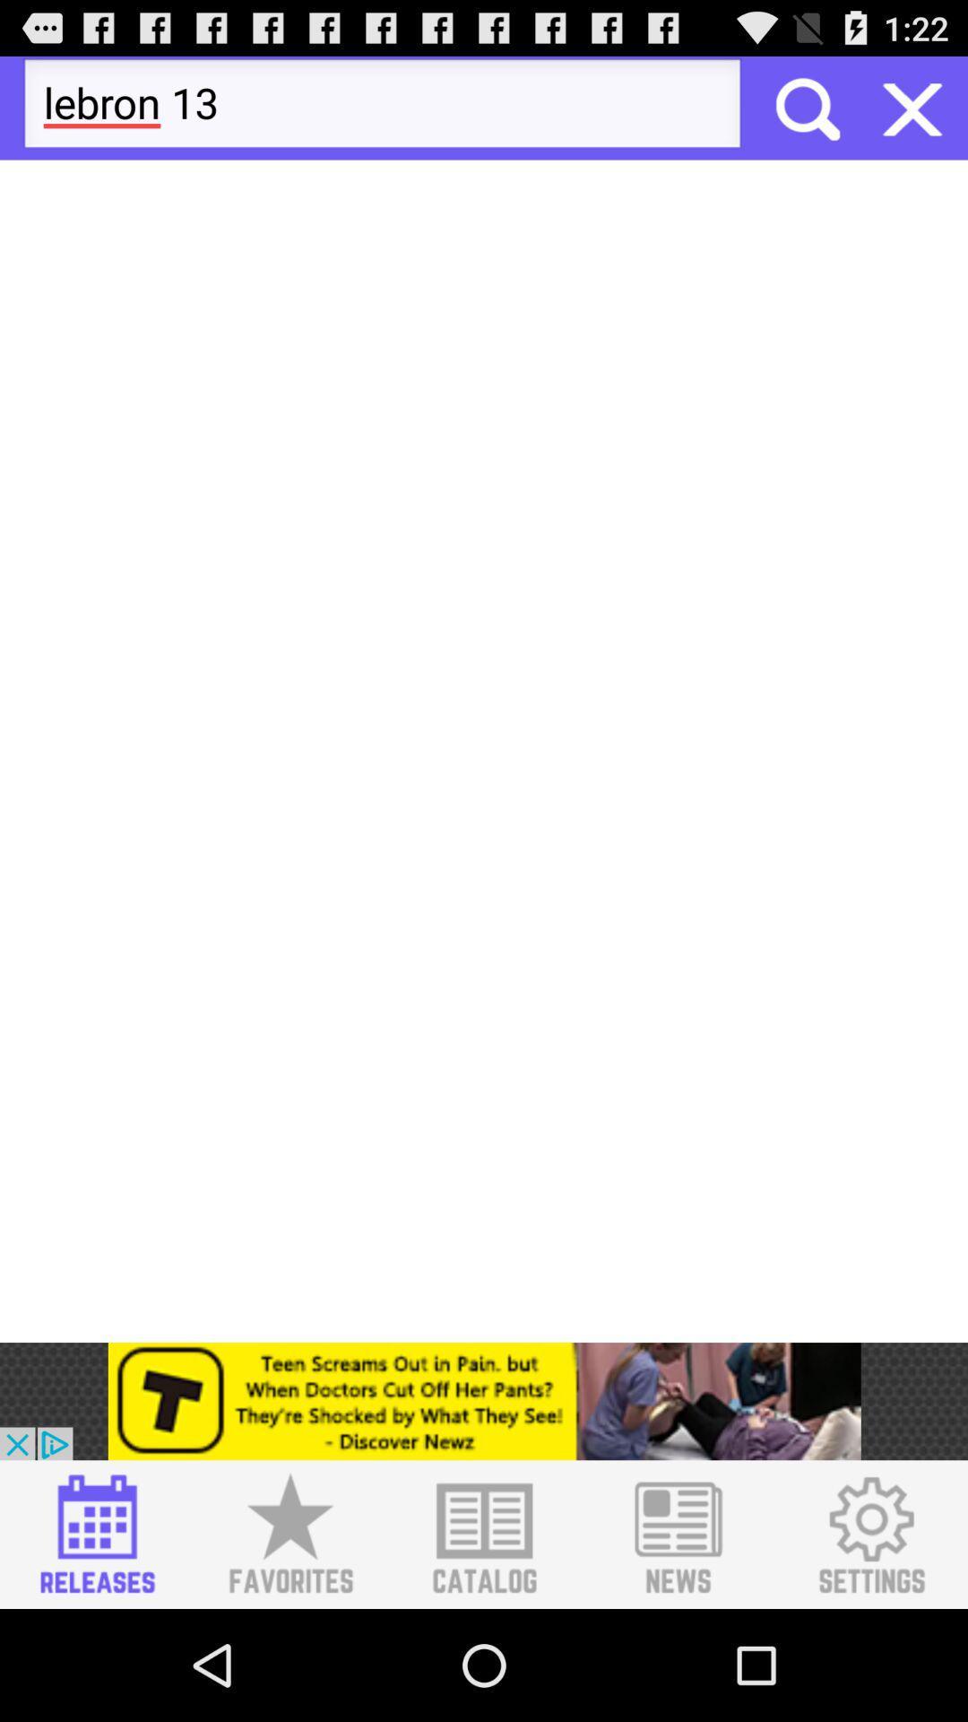  Describe the element at coordinates (912, 115) in the screenshot. I see `the close icon` at that location.